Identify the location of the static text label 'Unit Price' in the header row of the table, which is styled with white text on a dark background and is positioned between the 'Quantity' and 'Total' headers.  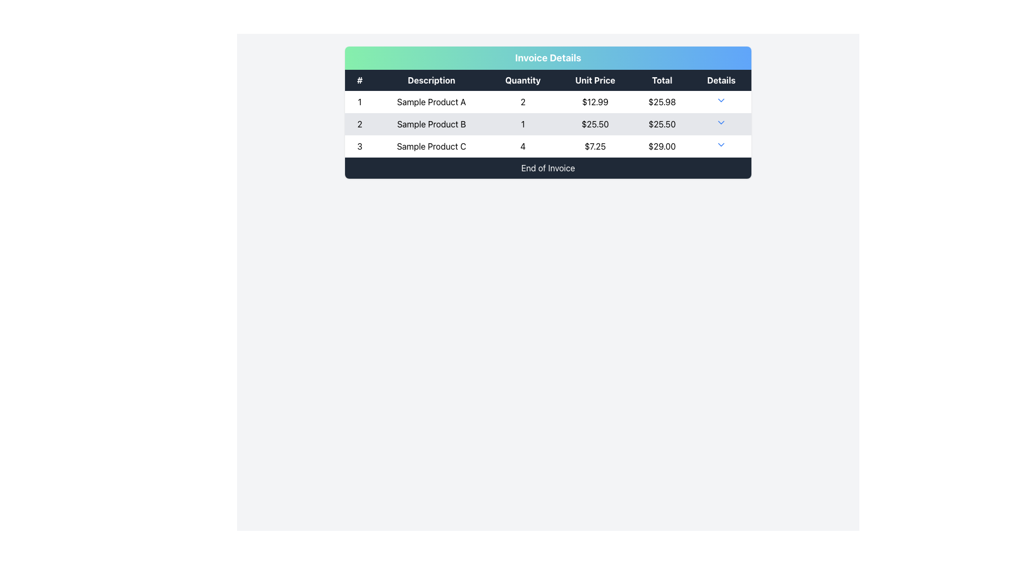
(595, 79).